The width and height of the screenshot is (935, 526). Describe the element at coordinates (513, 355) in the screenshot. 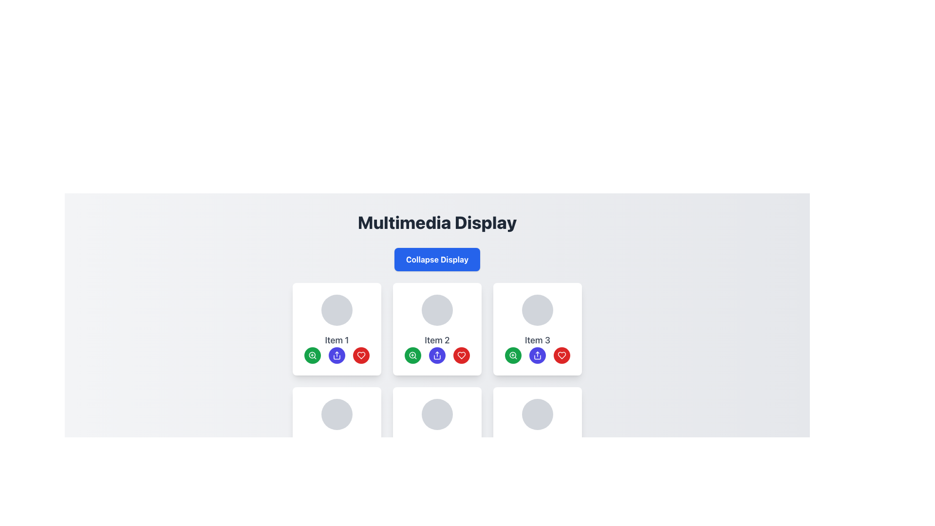

I see `the zoom-in button located below 'Item 3'` at that location.